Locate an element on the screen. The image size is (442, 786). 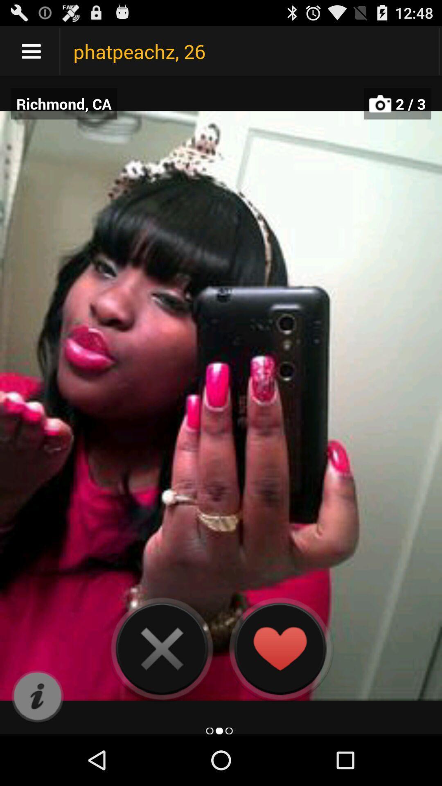
the information on this women 's profile is located at coordinates (37, 696).